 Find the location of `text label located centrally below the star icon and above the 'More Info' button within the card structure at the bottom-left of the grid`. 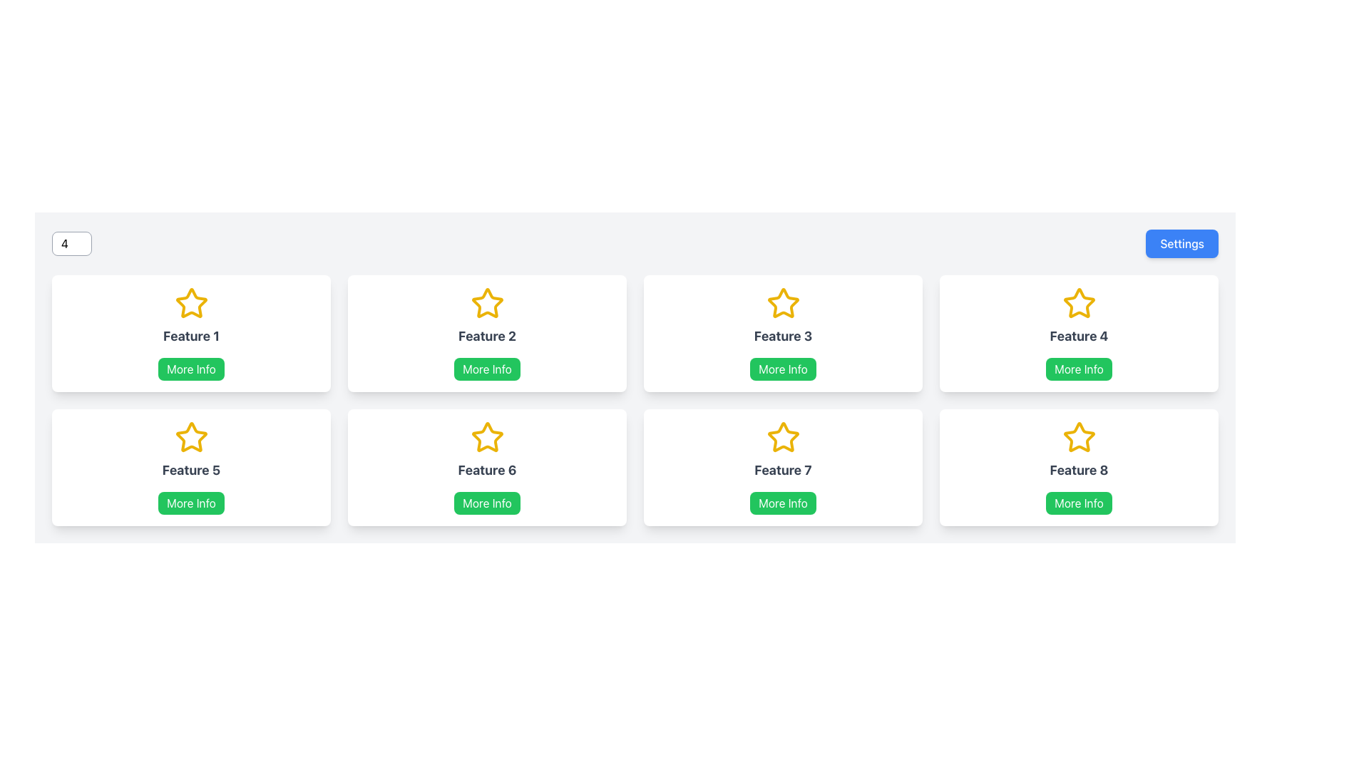

text label located centrally below the star icon and above the 'More Info' button within the card structure at the bottom-left of the grid is located at coordinates (190, 470).